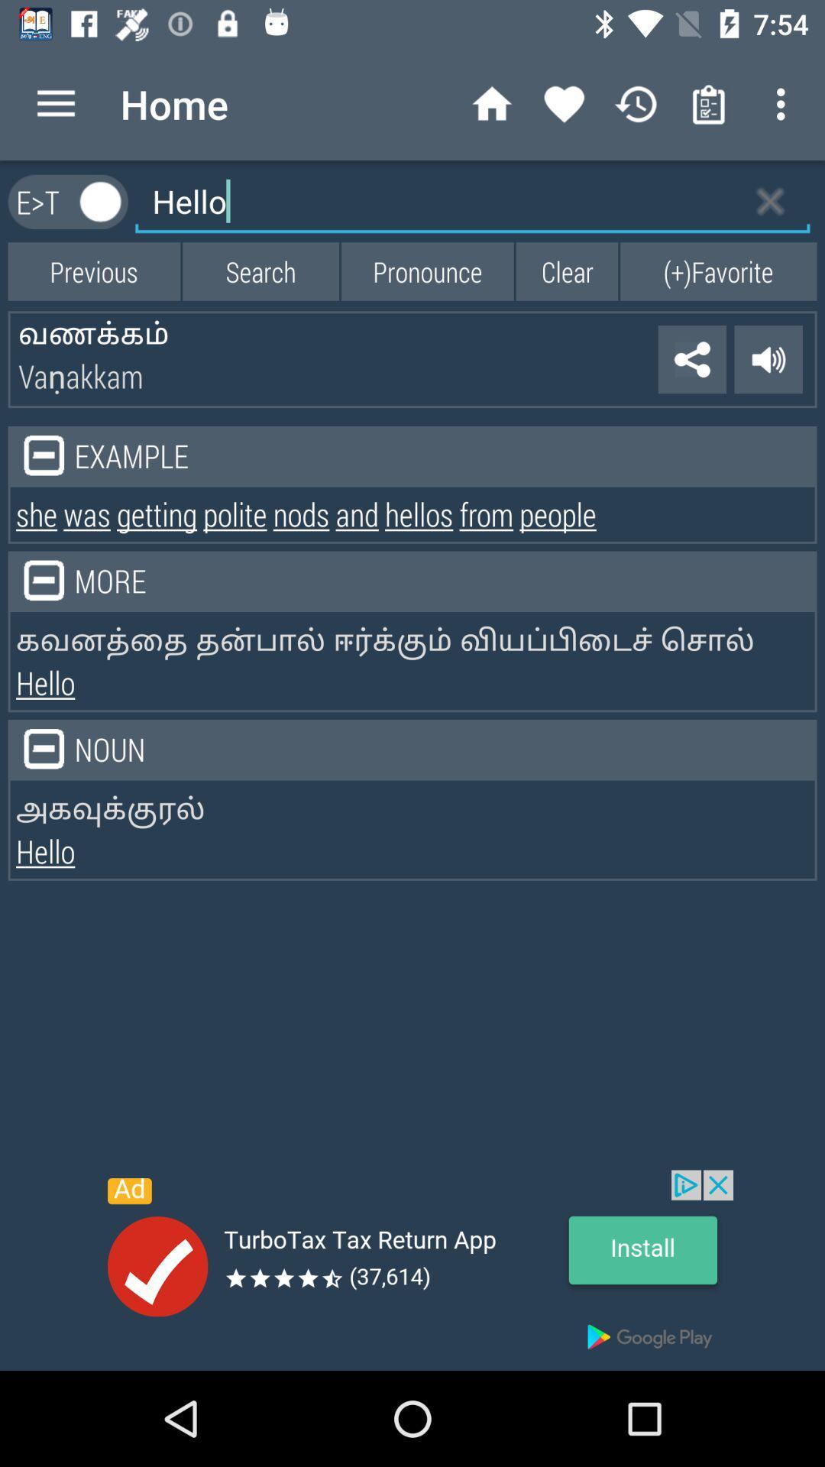  What do you see at coordinates (101, 201) in the screenshot?
I see `the avatar icon` at bounding box center [101, 201].